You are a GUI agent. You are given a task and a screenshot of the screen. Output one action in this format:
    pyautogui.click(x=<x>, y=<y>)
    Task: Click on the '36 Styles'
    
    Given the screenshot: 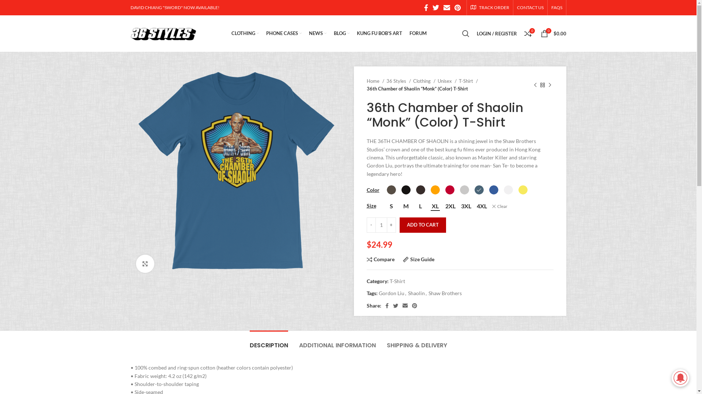 What is the action you would take?
    pyautogui.click(x=398, y=81)
    